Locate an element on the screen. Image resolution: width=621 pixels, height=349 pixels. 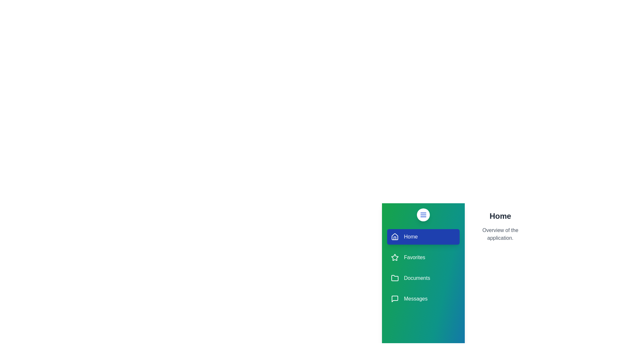
the Home section from the drawer menu is located at coordinates (423, 237).